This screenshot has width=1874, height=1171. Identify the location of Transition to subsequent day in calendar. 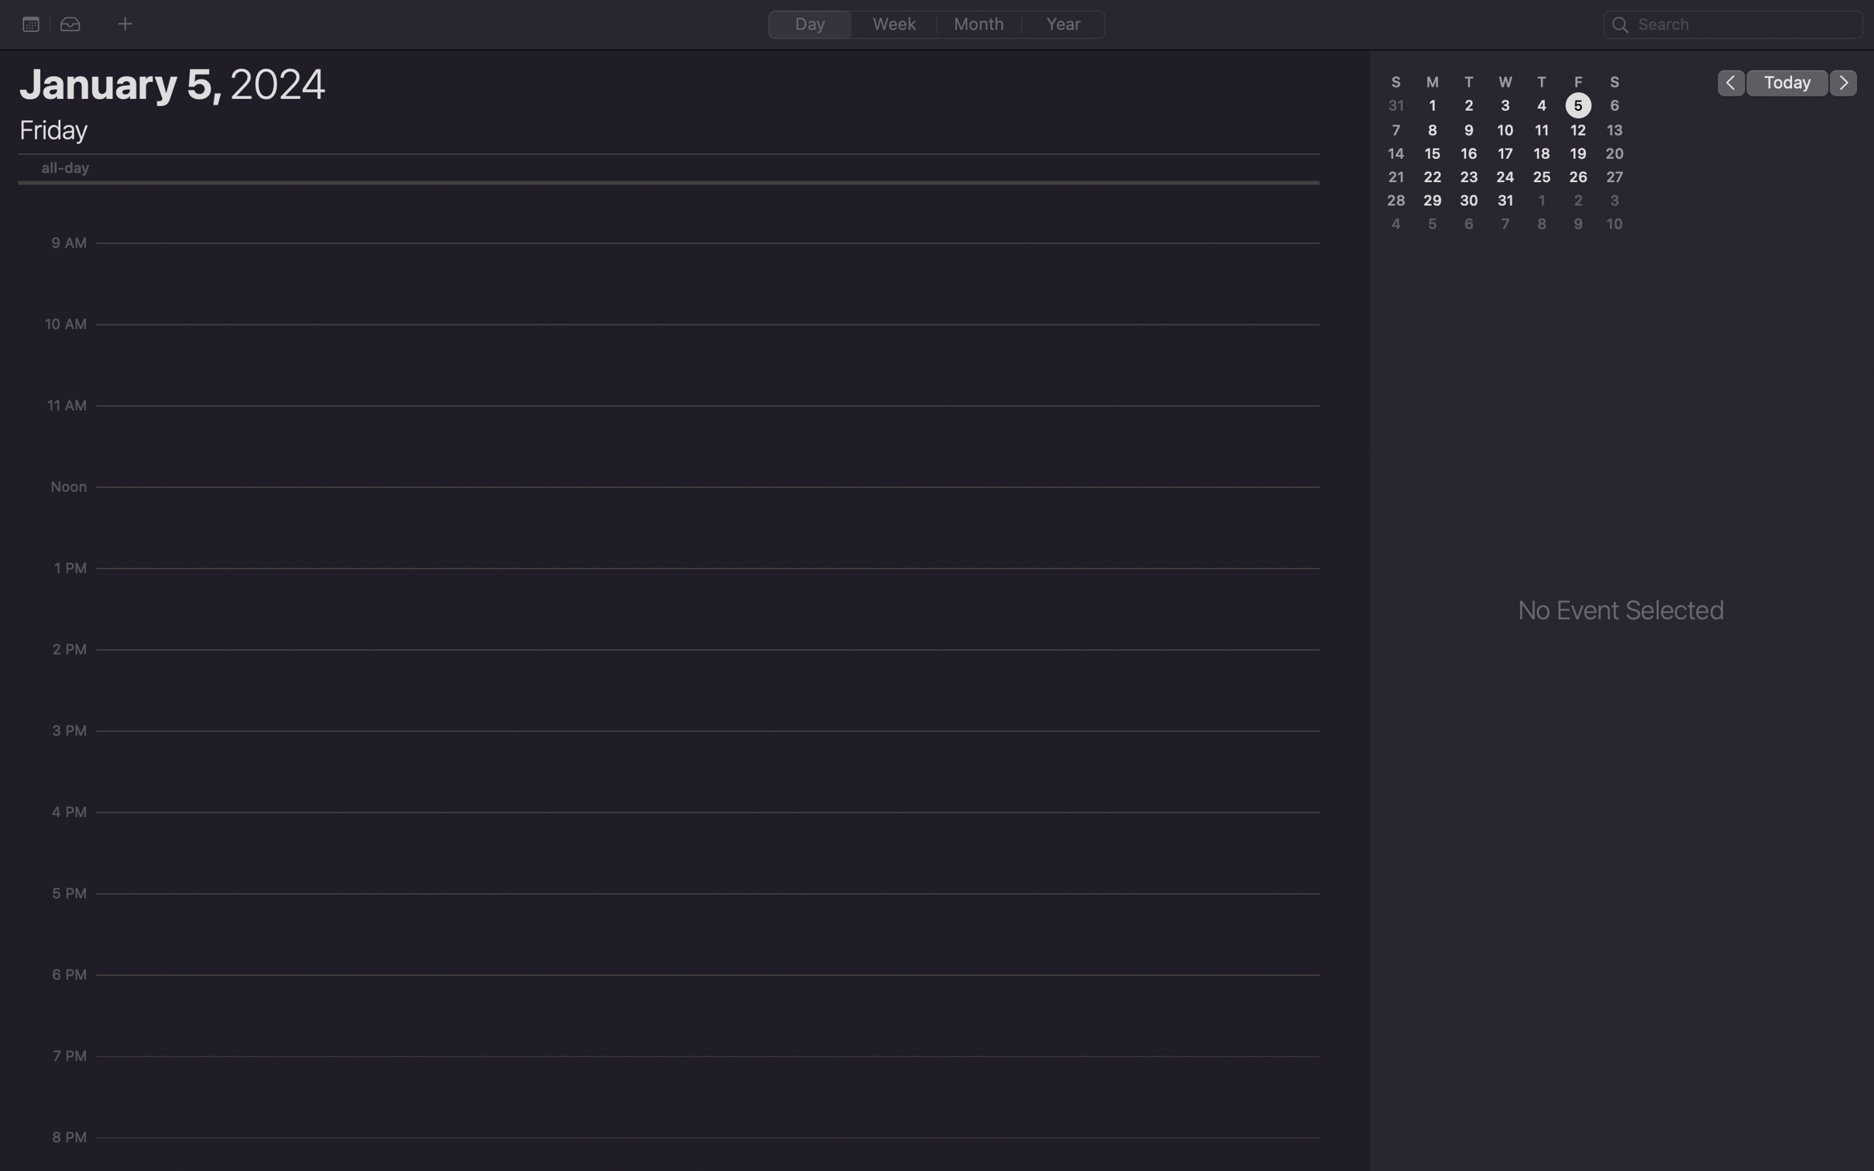
(1844, 81).